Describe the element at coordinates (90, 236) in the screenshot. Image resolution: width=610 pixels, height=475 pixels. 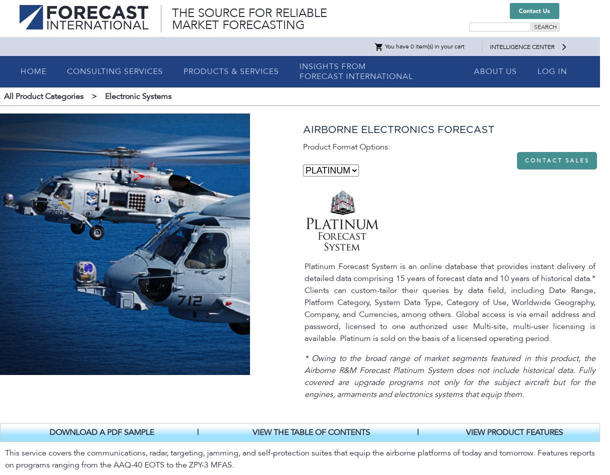
I see `'"Client Query Number"'` at that location.